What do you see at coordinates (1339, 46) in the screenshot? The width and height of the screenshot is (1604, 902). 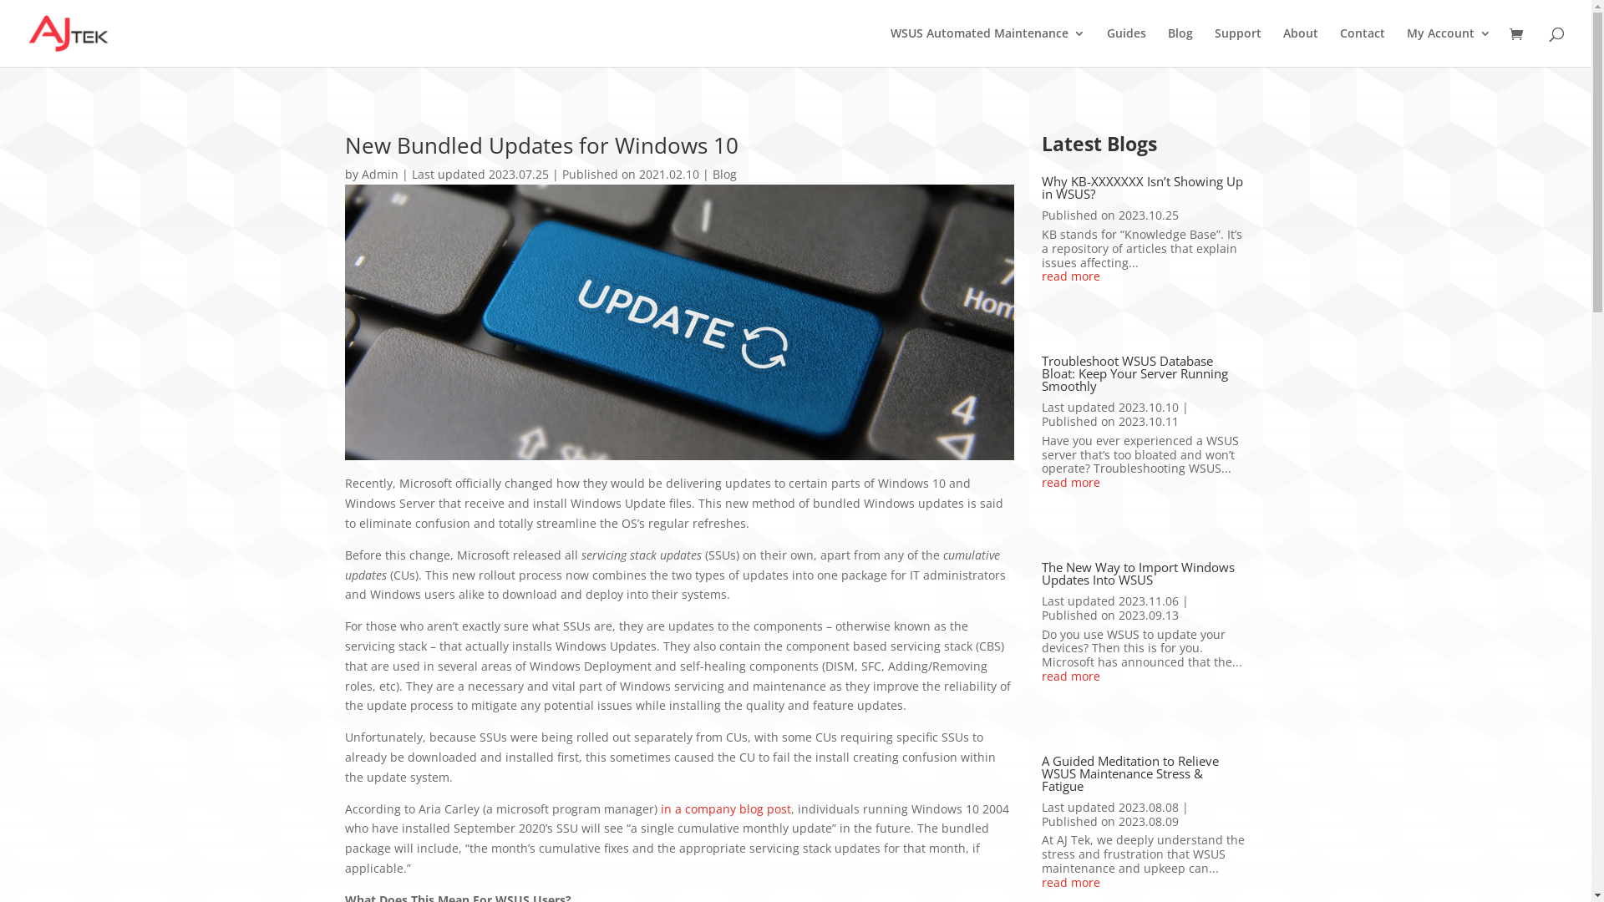 I see `'Contact'` at bounding box center [1339, 46].